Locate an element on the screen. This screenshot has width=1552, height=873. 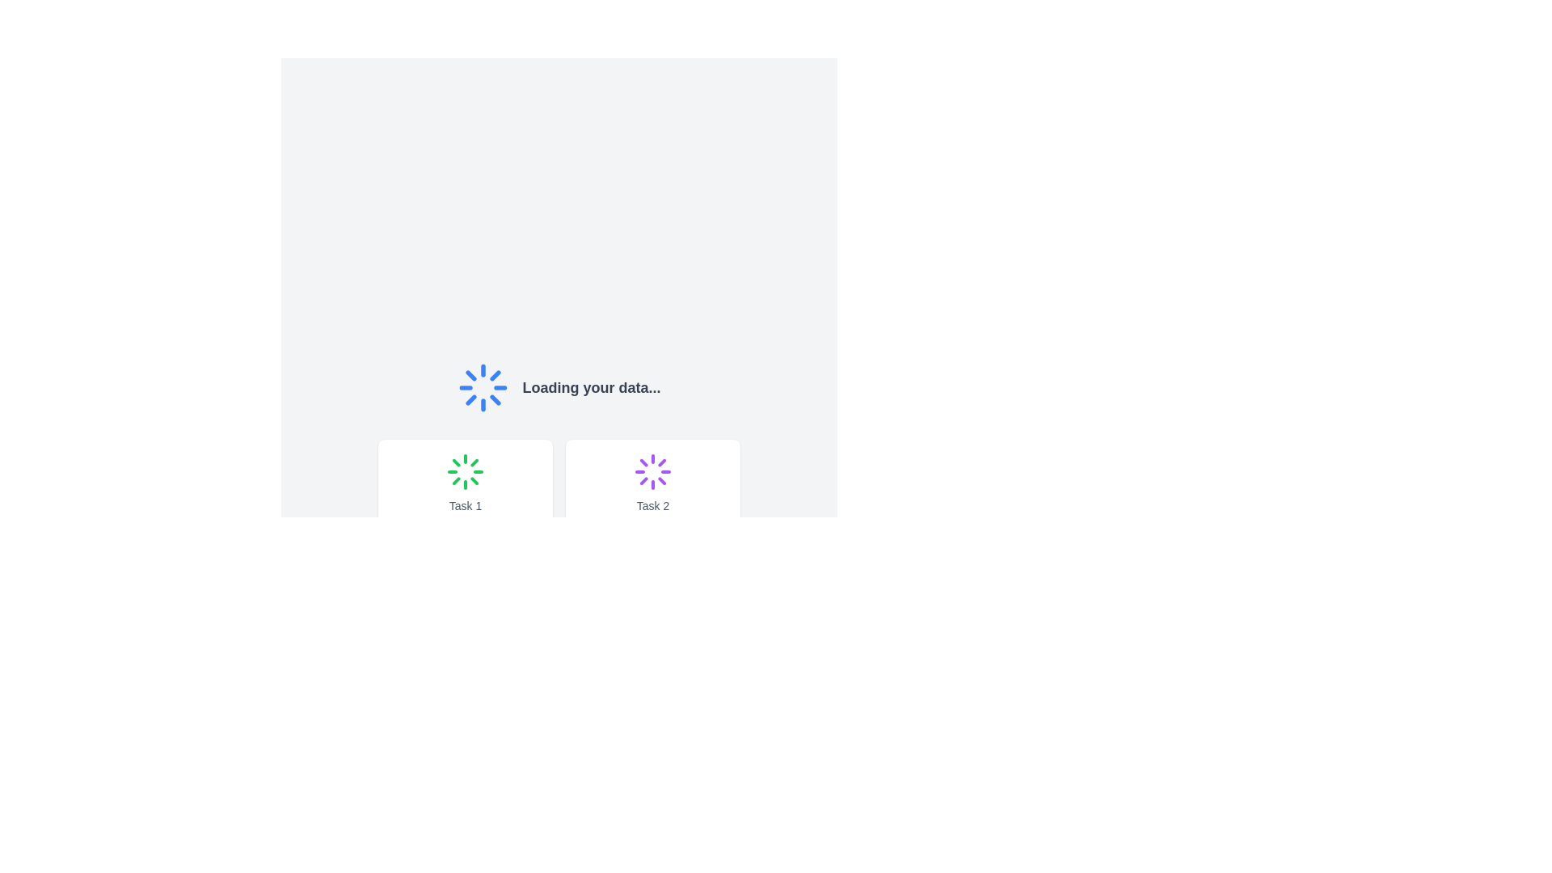
the sixth segment of the loading spinner graphic, which indicates an ongoing process or operation is located at coordinates (489, 372).